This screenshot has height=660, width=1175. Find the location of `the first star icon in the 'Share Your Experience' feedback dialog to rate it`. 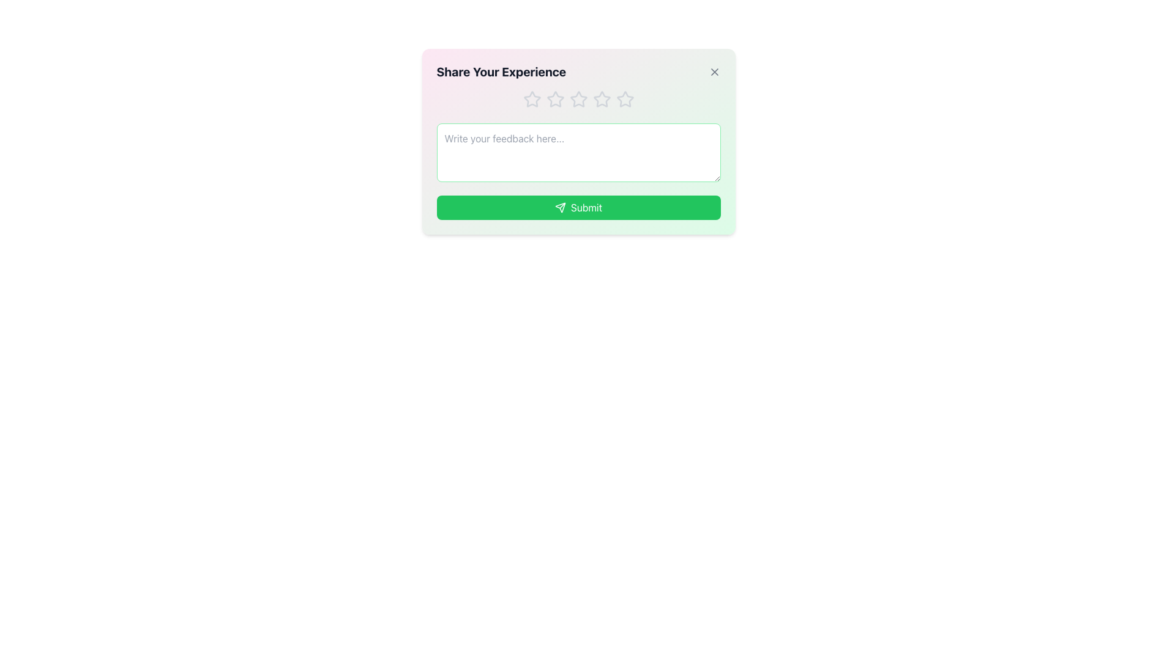

the first star icon in the 'Share Your Experience' feedback dialog to rate it is located at coordinates (532, 98).